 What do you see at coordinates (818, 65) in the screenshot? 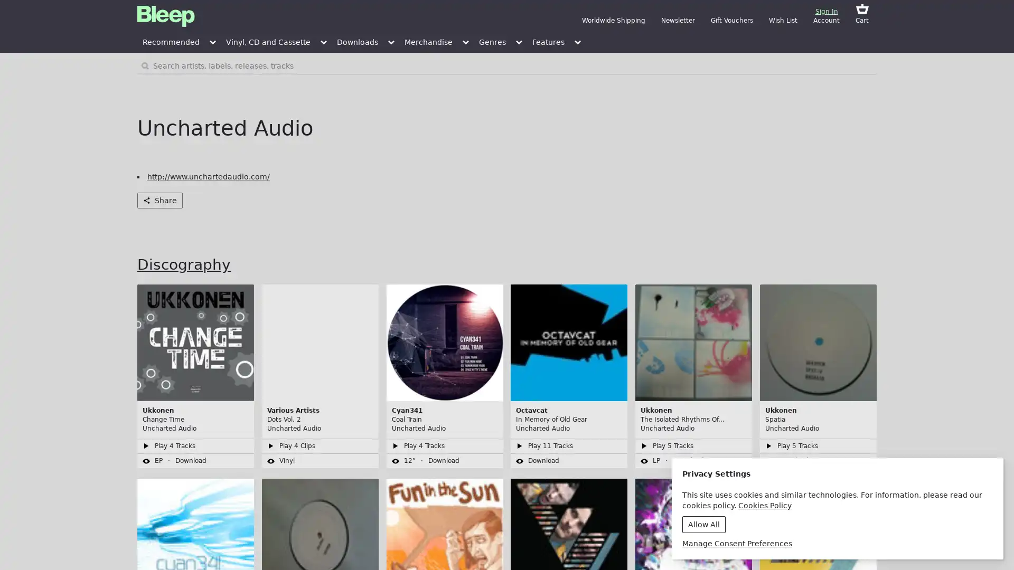
I see `Search` at bounding box center [818, 65].